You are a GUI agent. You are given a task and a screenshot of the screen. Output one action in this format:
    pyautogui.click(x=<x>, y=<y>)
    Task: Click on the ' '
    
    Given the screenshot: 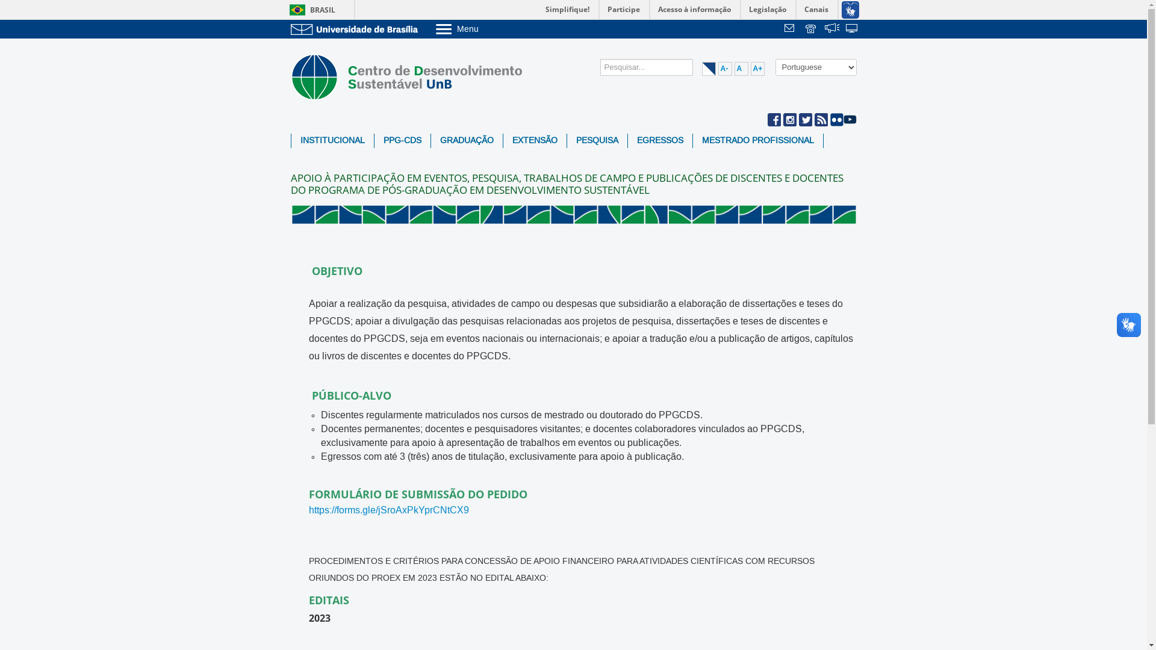 What is the action you would take?
    pyautogui.click(x=804, y=29)
    